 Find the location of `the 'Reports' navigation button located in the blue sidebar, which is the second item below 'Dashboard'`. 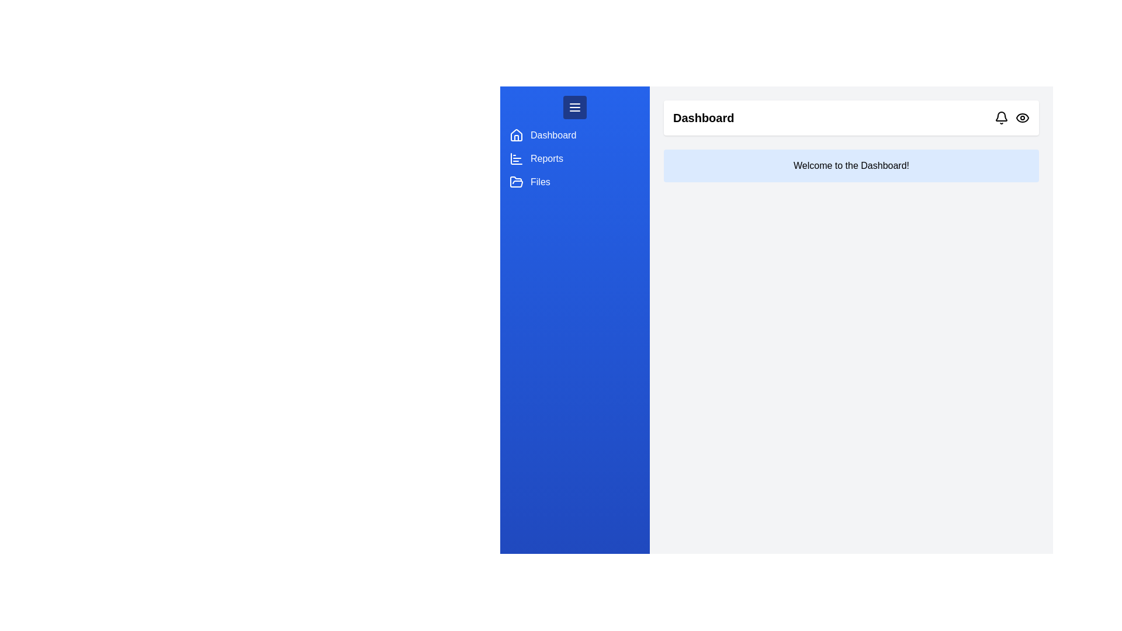

the 'Reports' navigation button located in the blue sidebar, which is the second item below 'Dashboard' is located at coordinates (574, 159).